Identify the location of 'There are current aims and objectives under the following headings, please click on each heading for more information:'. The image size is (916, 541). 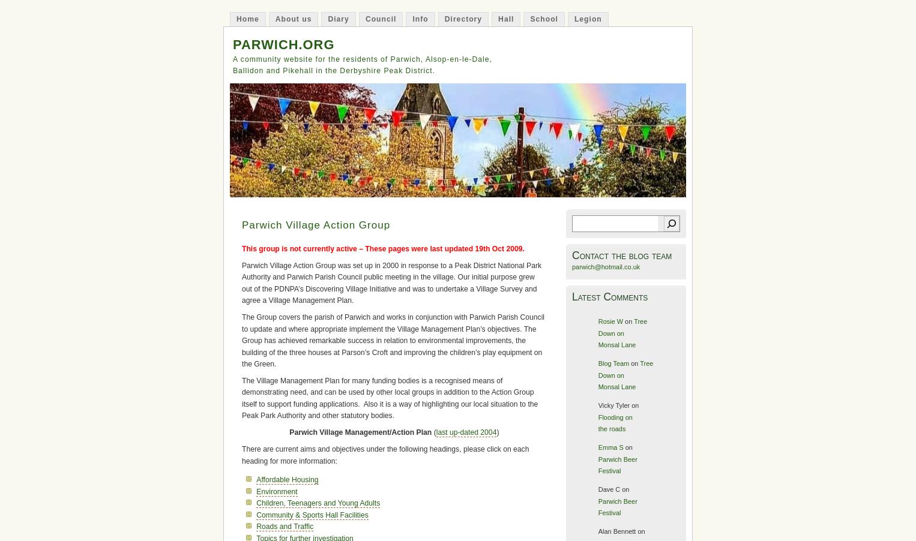
(385, 454).